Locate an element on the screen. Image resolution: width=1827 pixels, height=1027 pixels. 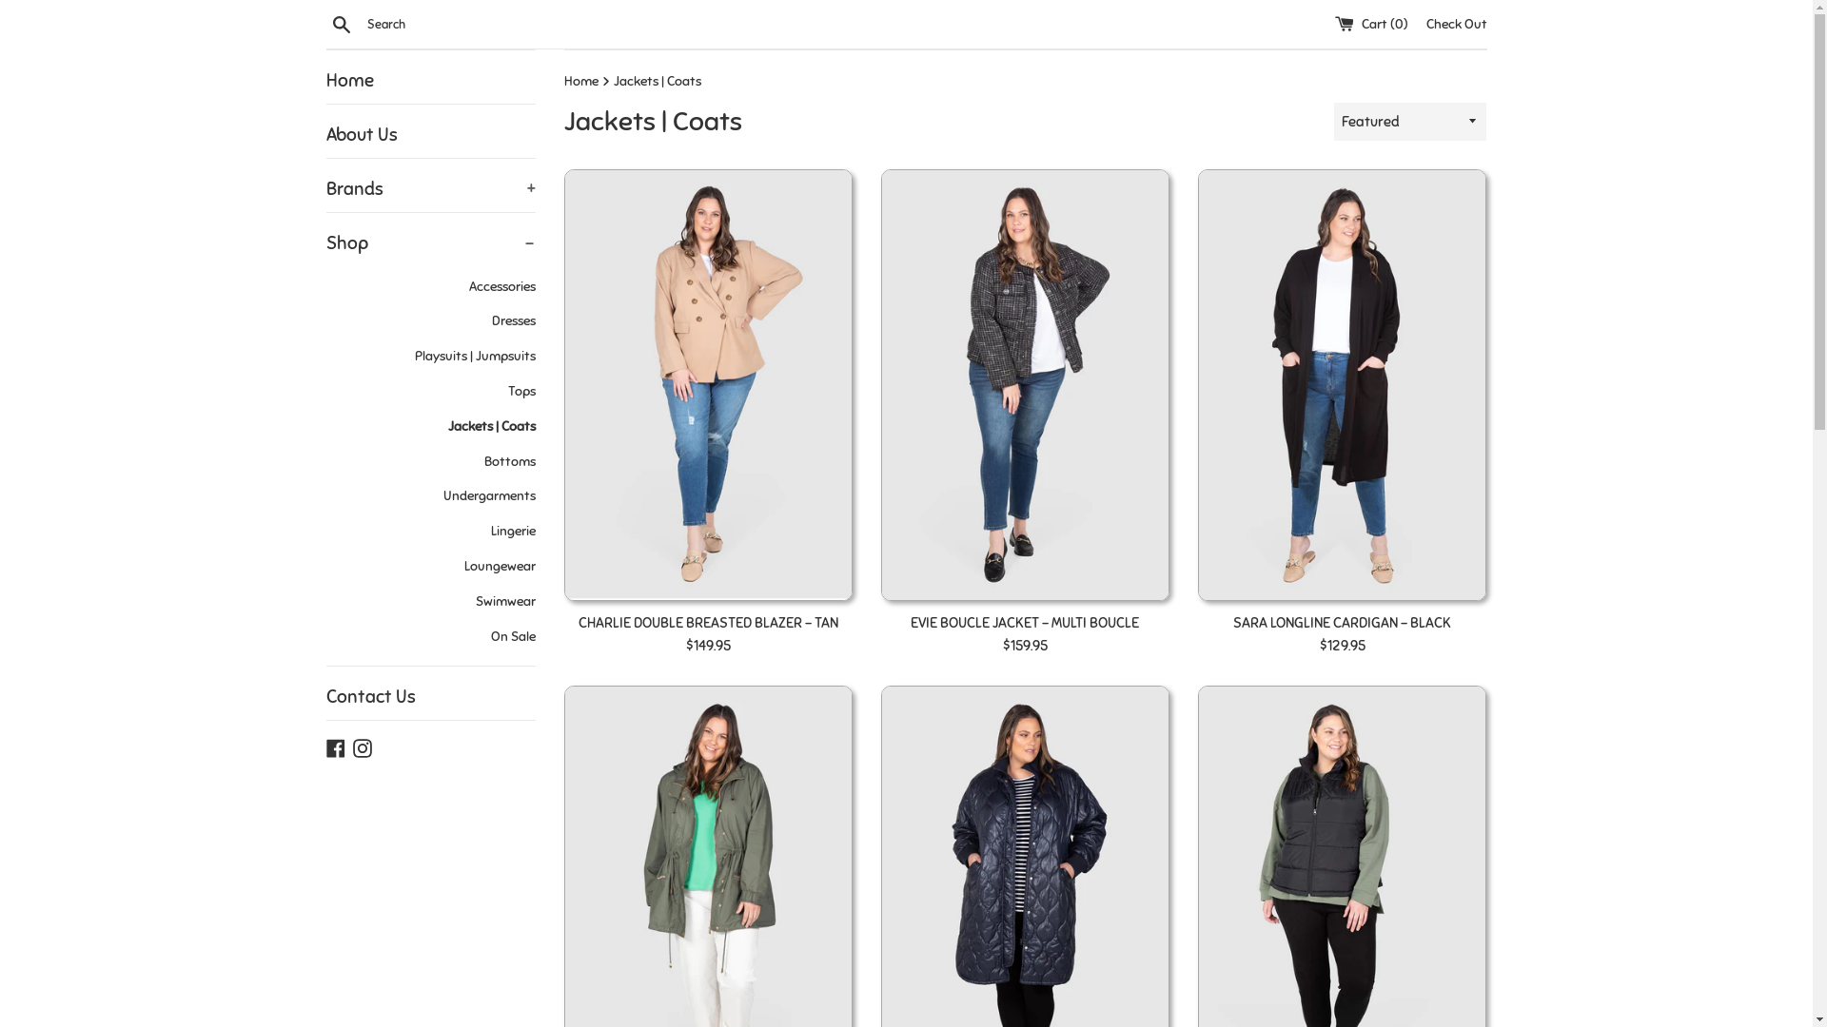
'Brands is located at coordinates (324, 189).